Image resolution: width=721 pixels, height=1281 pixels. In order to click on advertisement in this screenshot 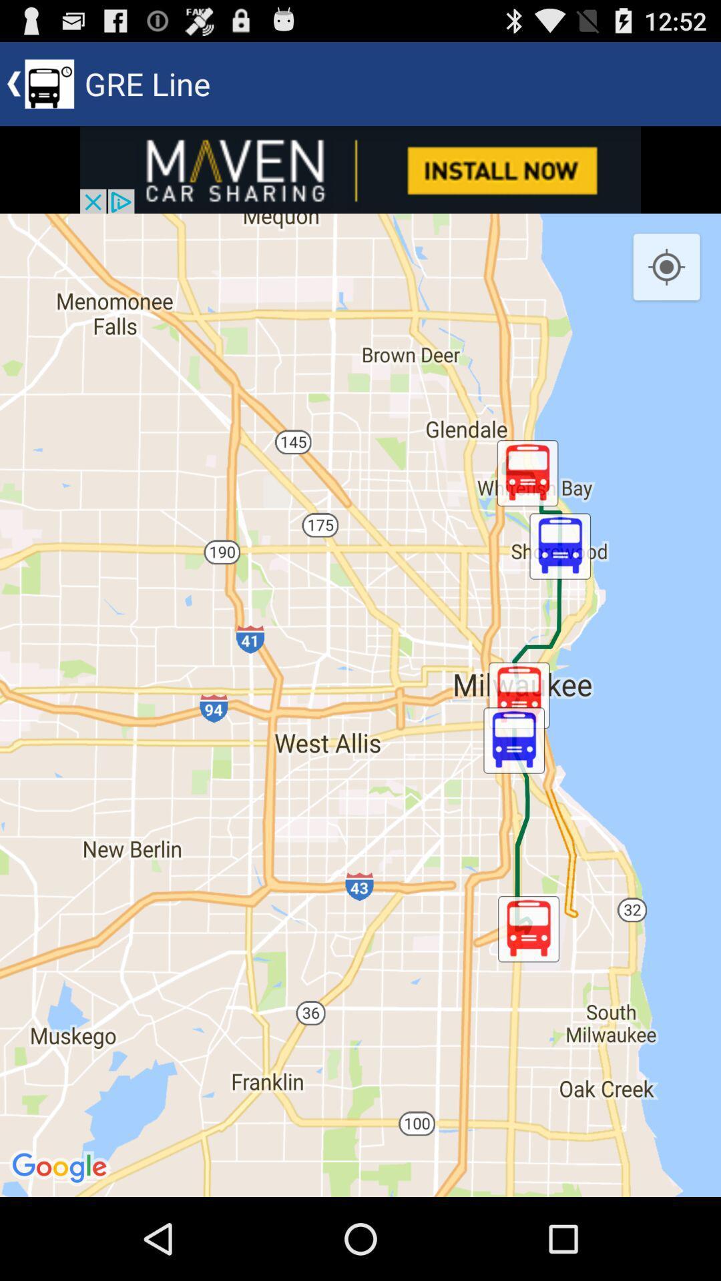, I will do `click(360, 169)`.